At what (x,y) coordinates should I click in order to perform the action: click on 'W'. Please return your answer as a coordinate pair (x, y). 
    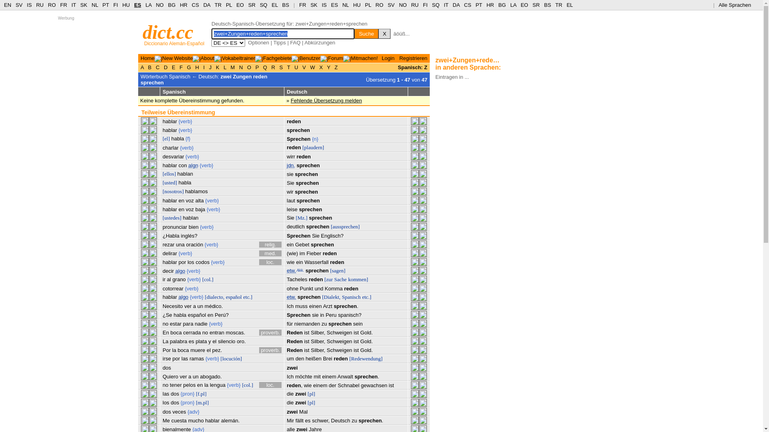
    Looking at the image, I should click on (308, 67).